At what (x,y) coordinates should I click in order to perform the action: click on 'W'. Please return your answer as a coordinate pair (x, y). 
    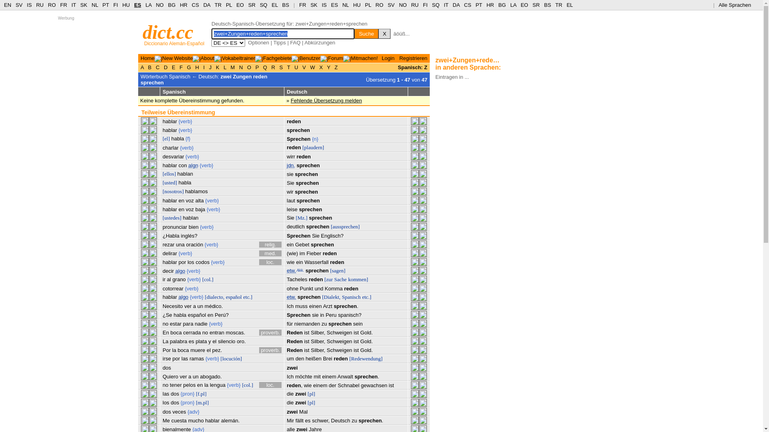
    Looking at the image, I should click on (308, 67).